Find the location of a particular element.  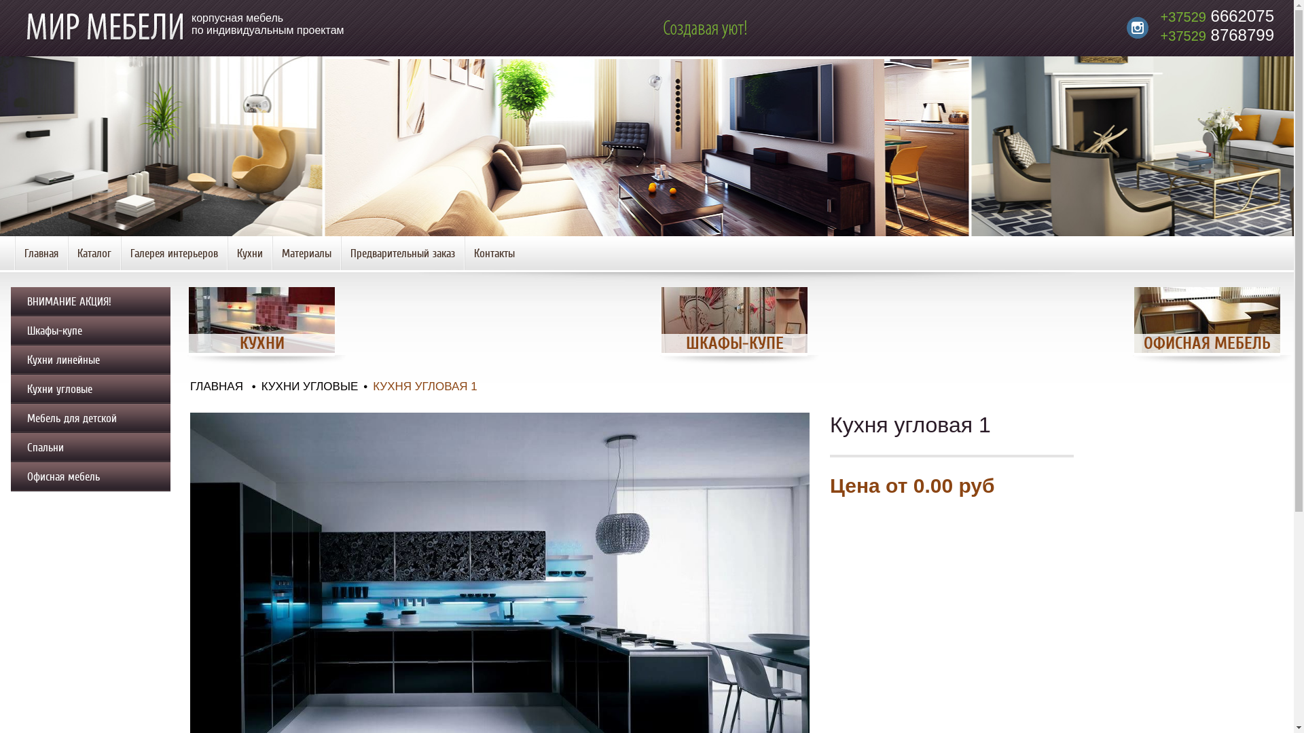

'+37529 8768799' is located at coordinates (1159, 34).